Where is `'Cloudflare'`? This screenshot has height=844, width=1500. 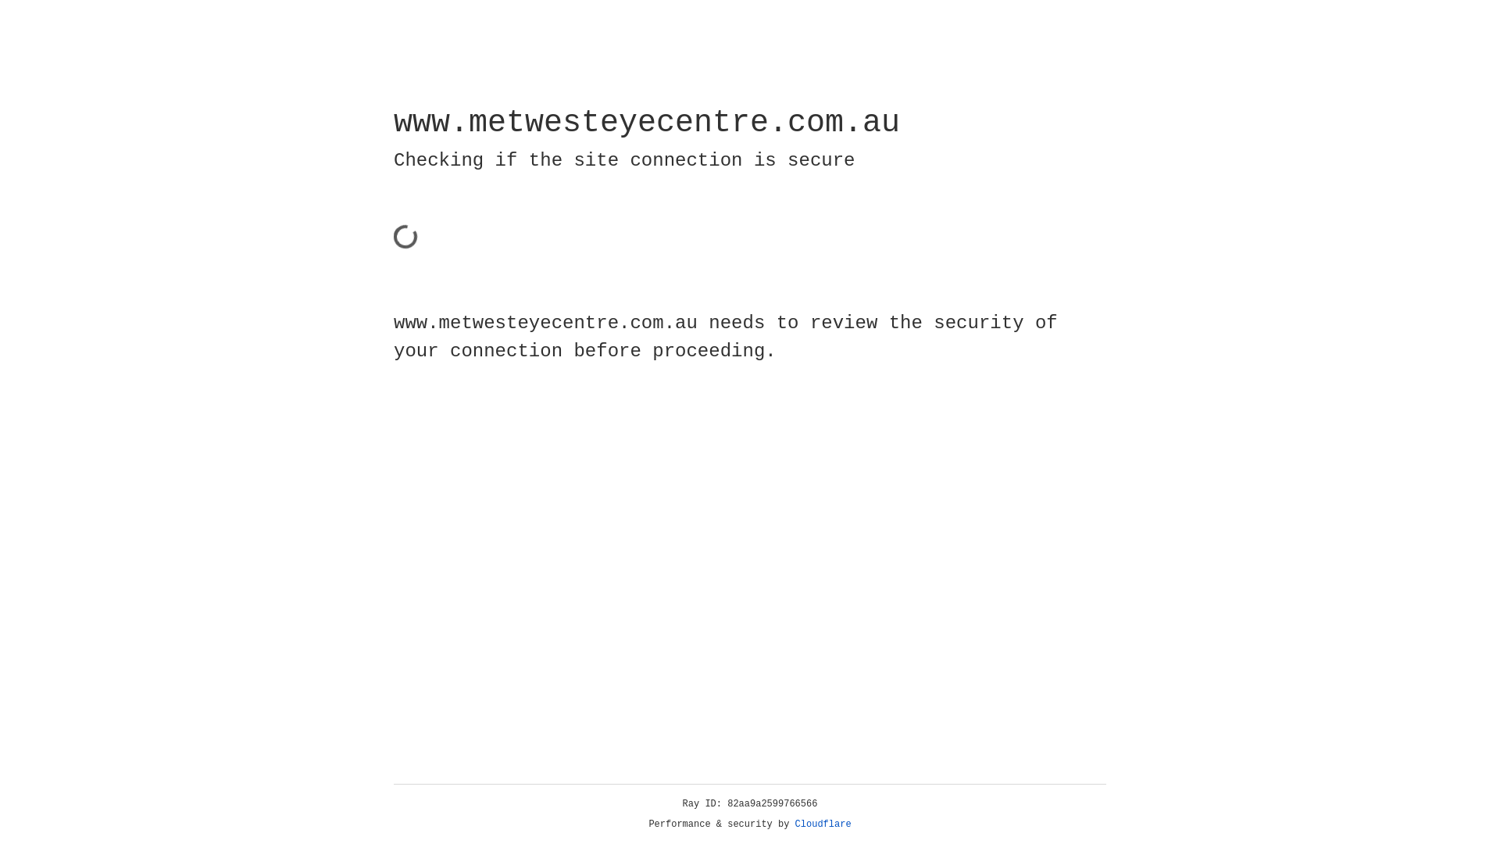
'Cloudflare' is located at coordinates (823, 824).